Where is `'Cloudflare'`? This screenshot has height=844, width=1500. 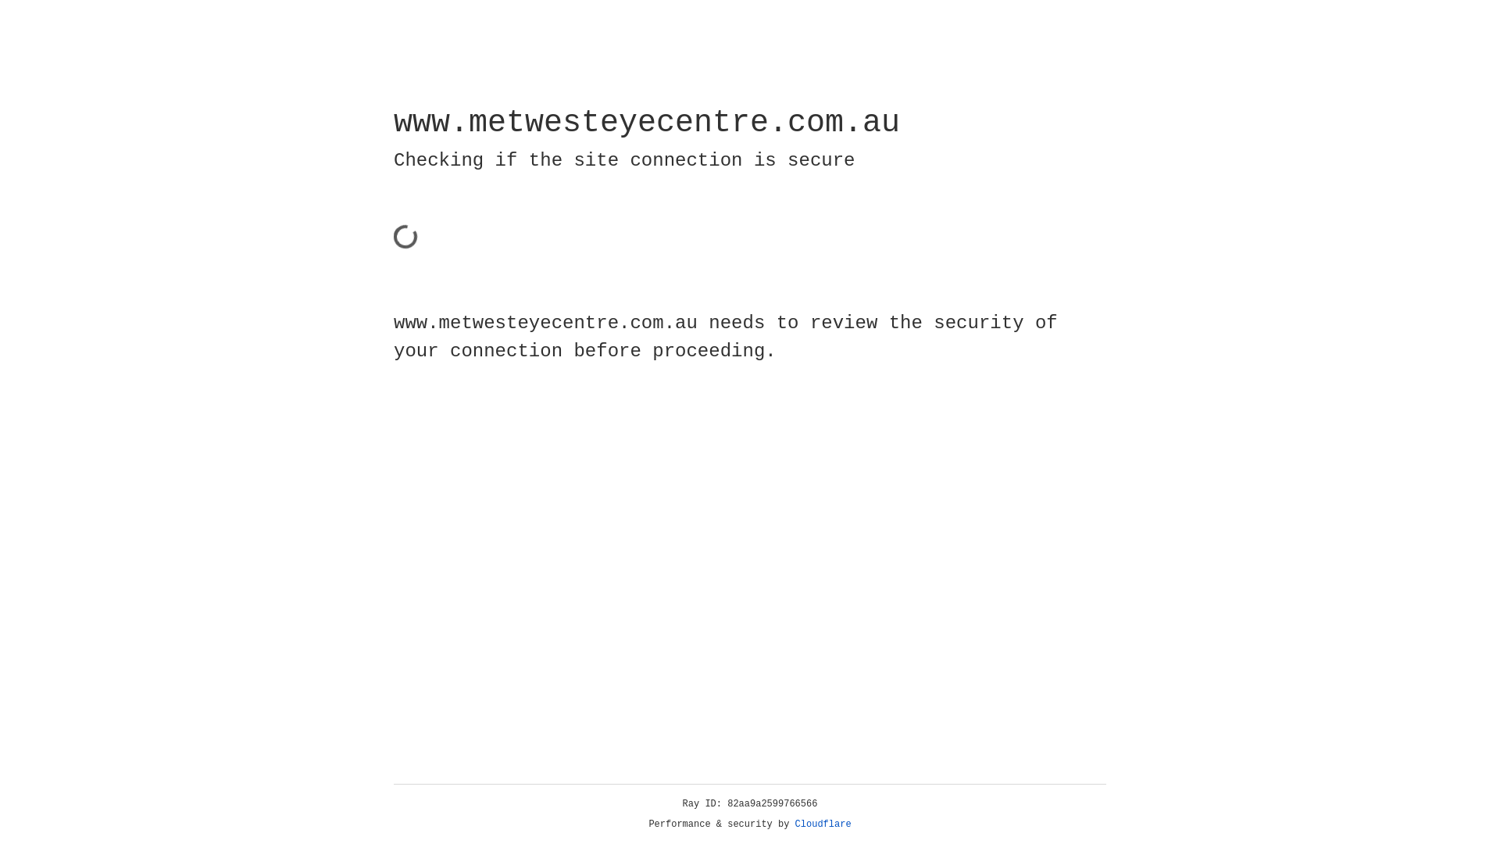
'Cloudflare' is located at coordinates (823, 824).